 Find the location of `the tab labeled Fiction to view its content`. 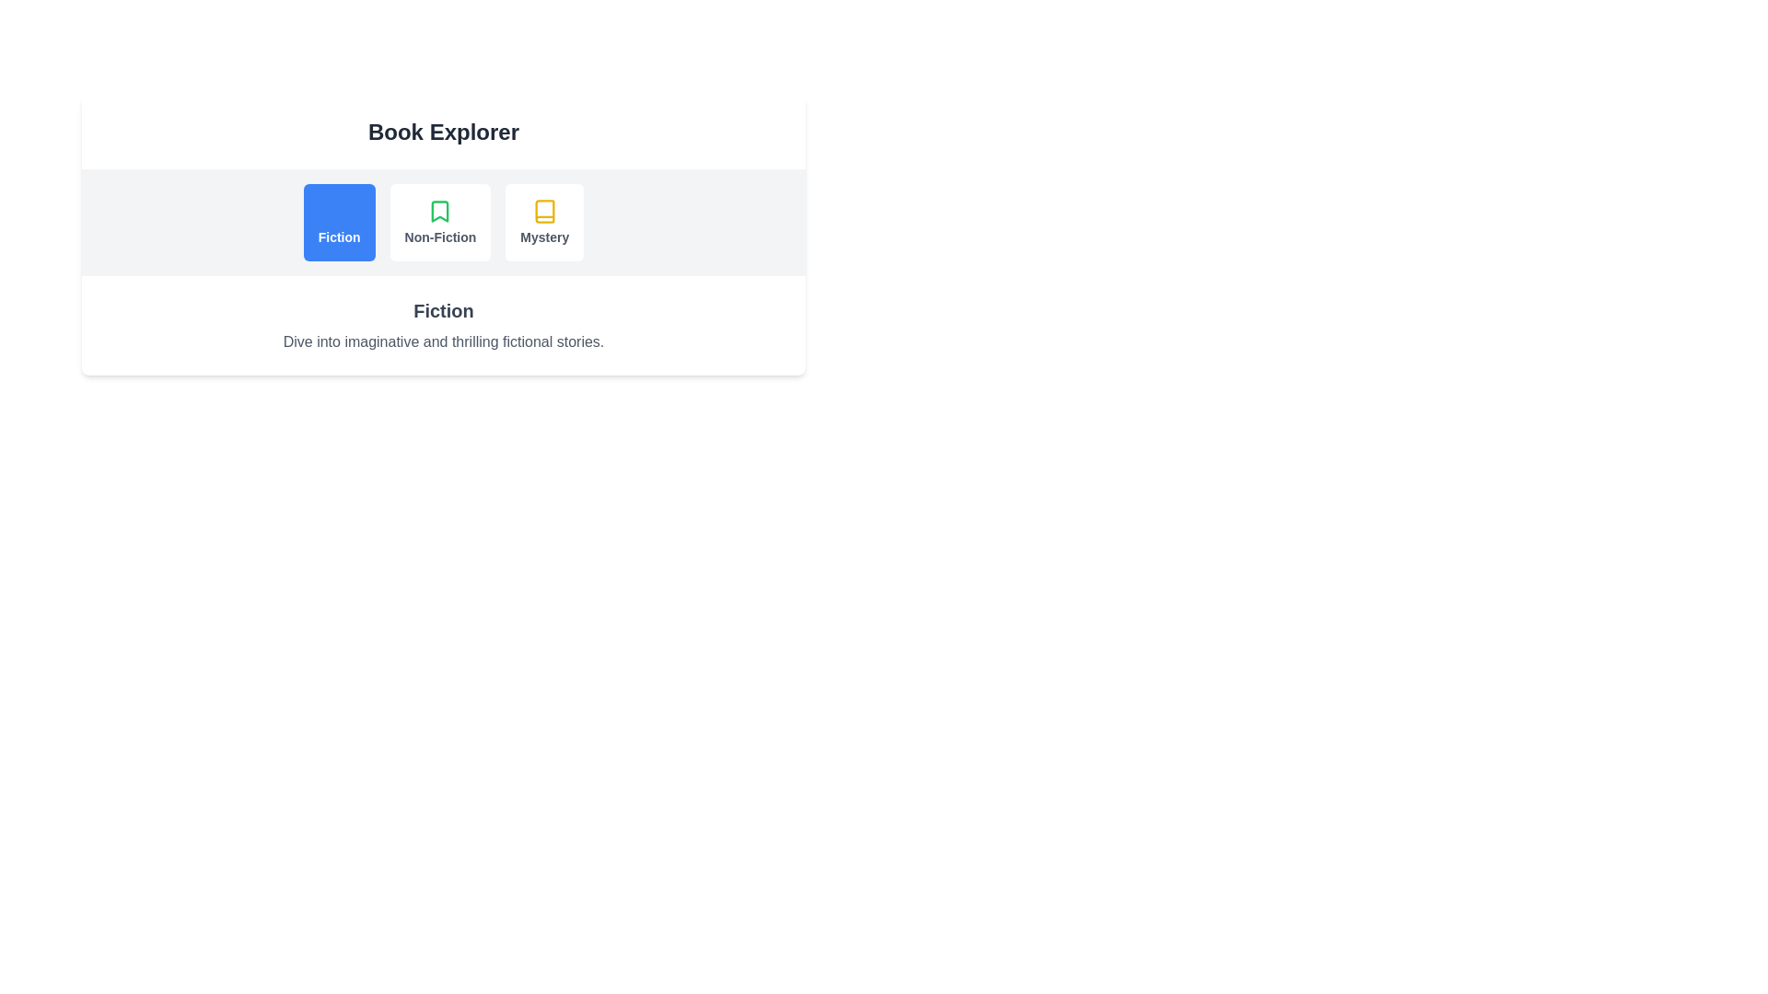

the tab labeled Fiction to view its content is located at coordinates (339, 222).